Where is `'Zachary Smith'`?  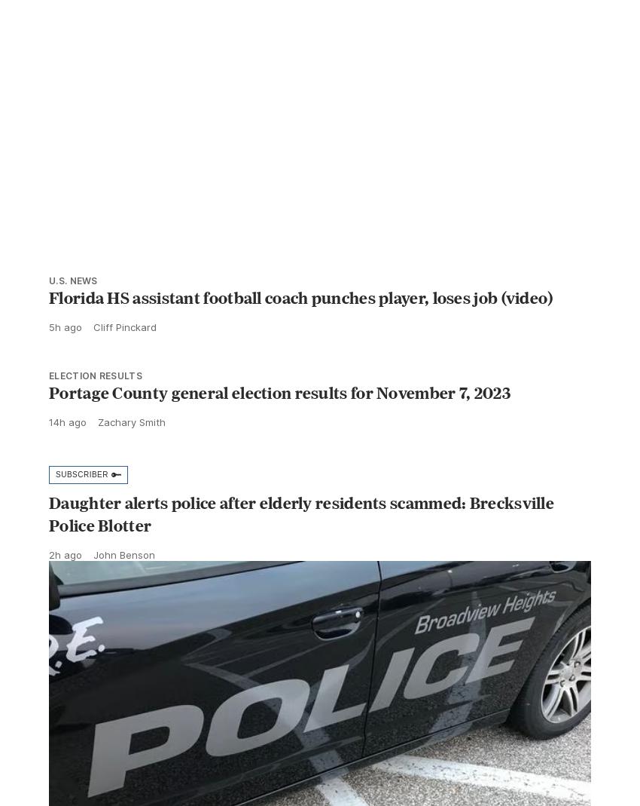 'Zachary Smith' is located at coordinates (131, 455).